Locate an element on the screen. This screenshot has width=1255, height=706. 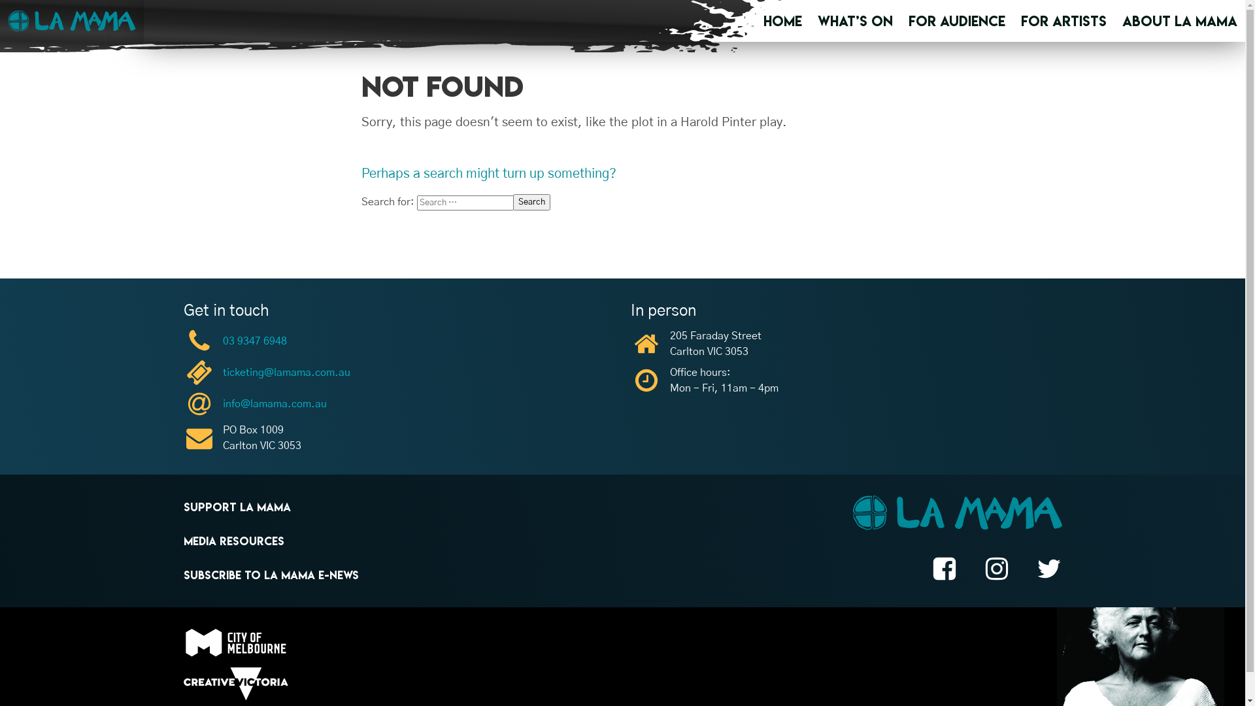
'Media Resources' is located at coordinates (233, 541).